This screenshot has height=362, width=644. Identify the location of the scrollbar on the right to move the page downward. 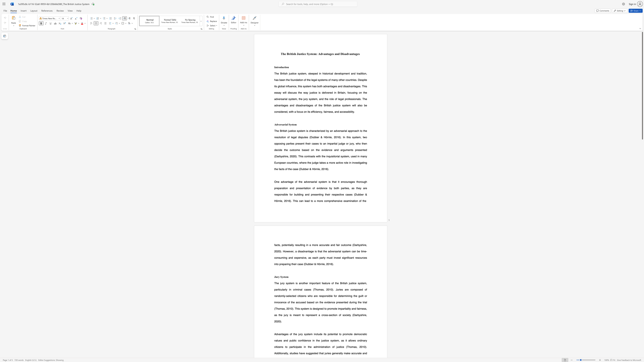
(642, 323).